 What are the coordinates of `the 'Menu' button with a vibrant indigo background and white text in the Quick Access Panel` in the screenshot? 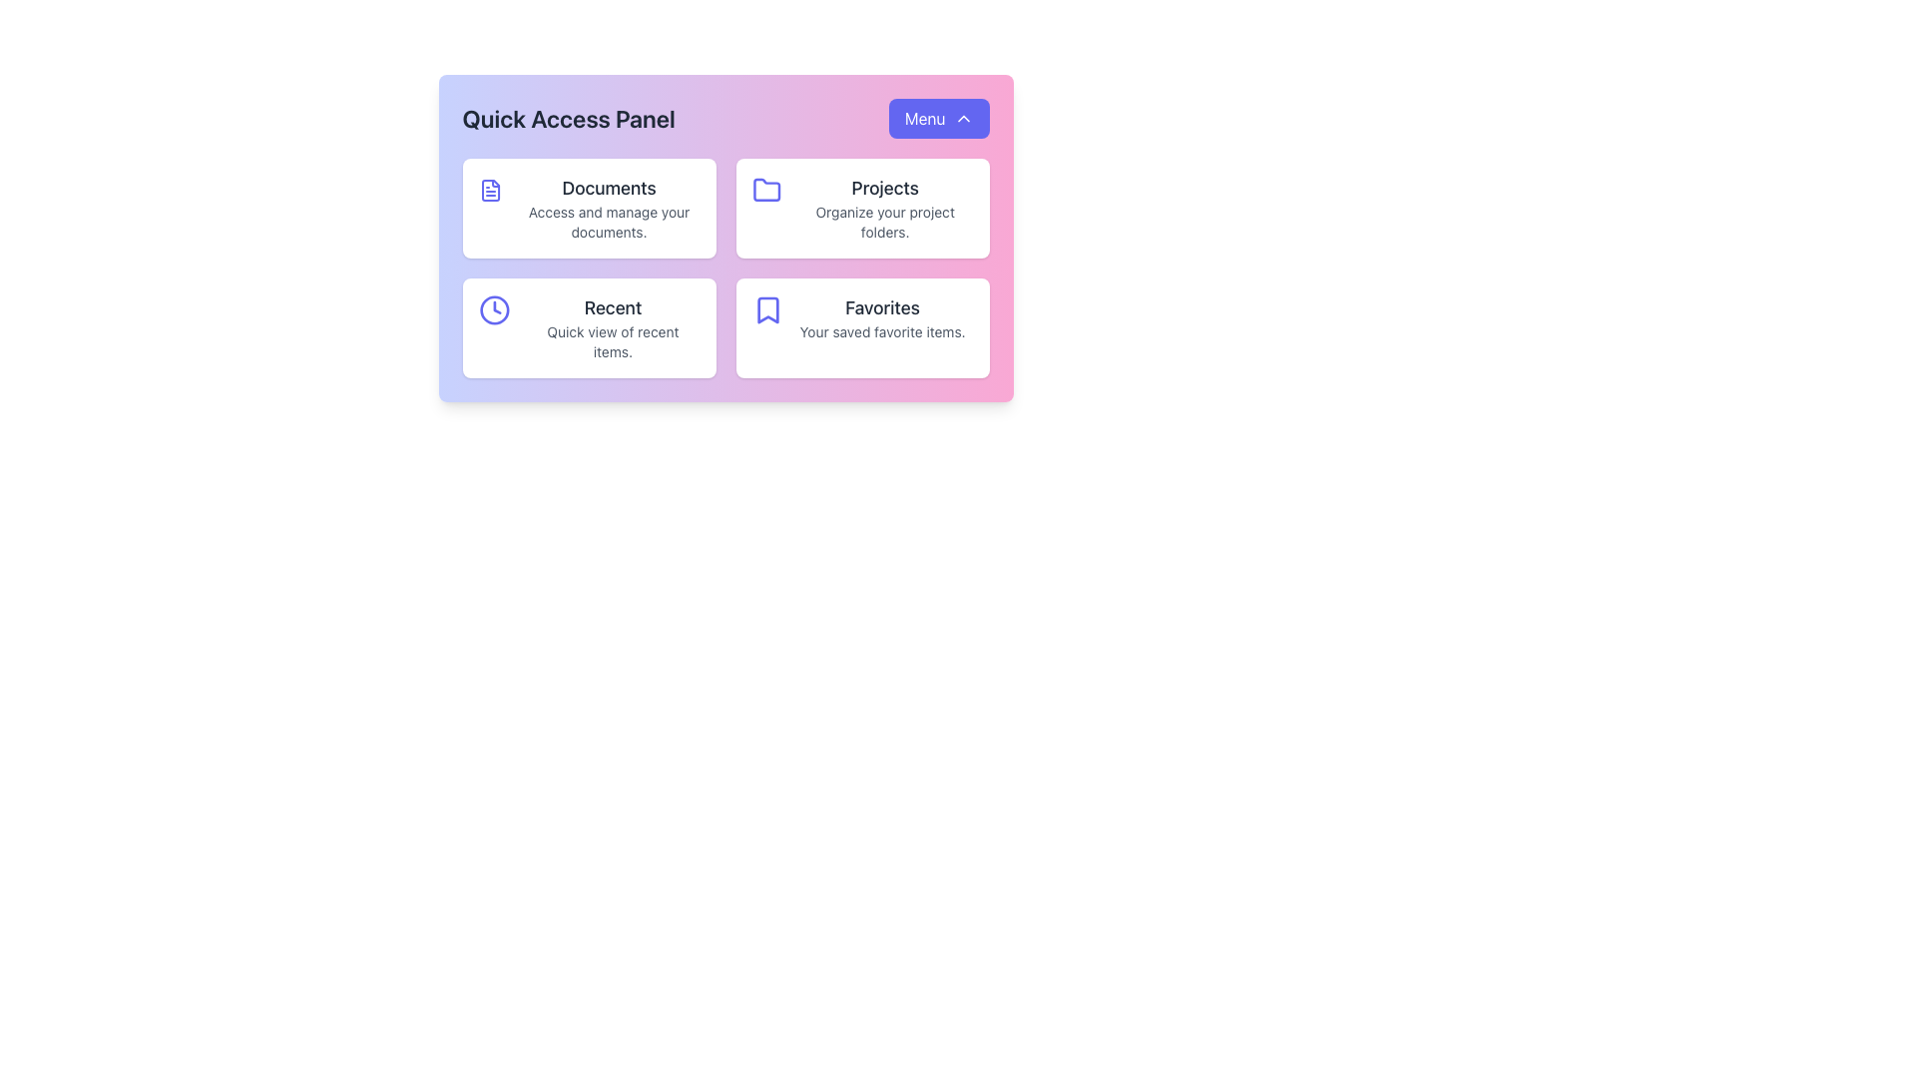 It's located at (938, 119).